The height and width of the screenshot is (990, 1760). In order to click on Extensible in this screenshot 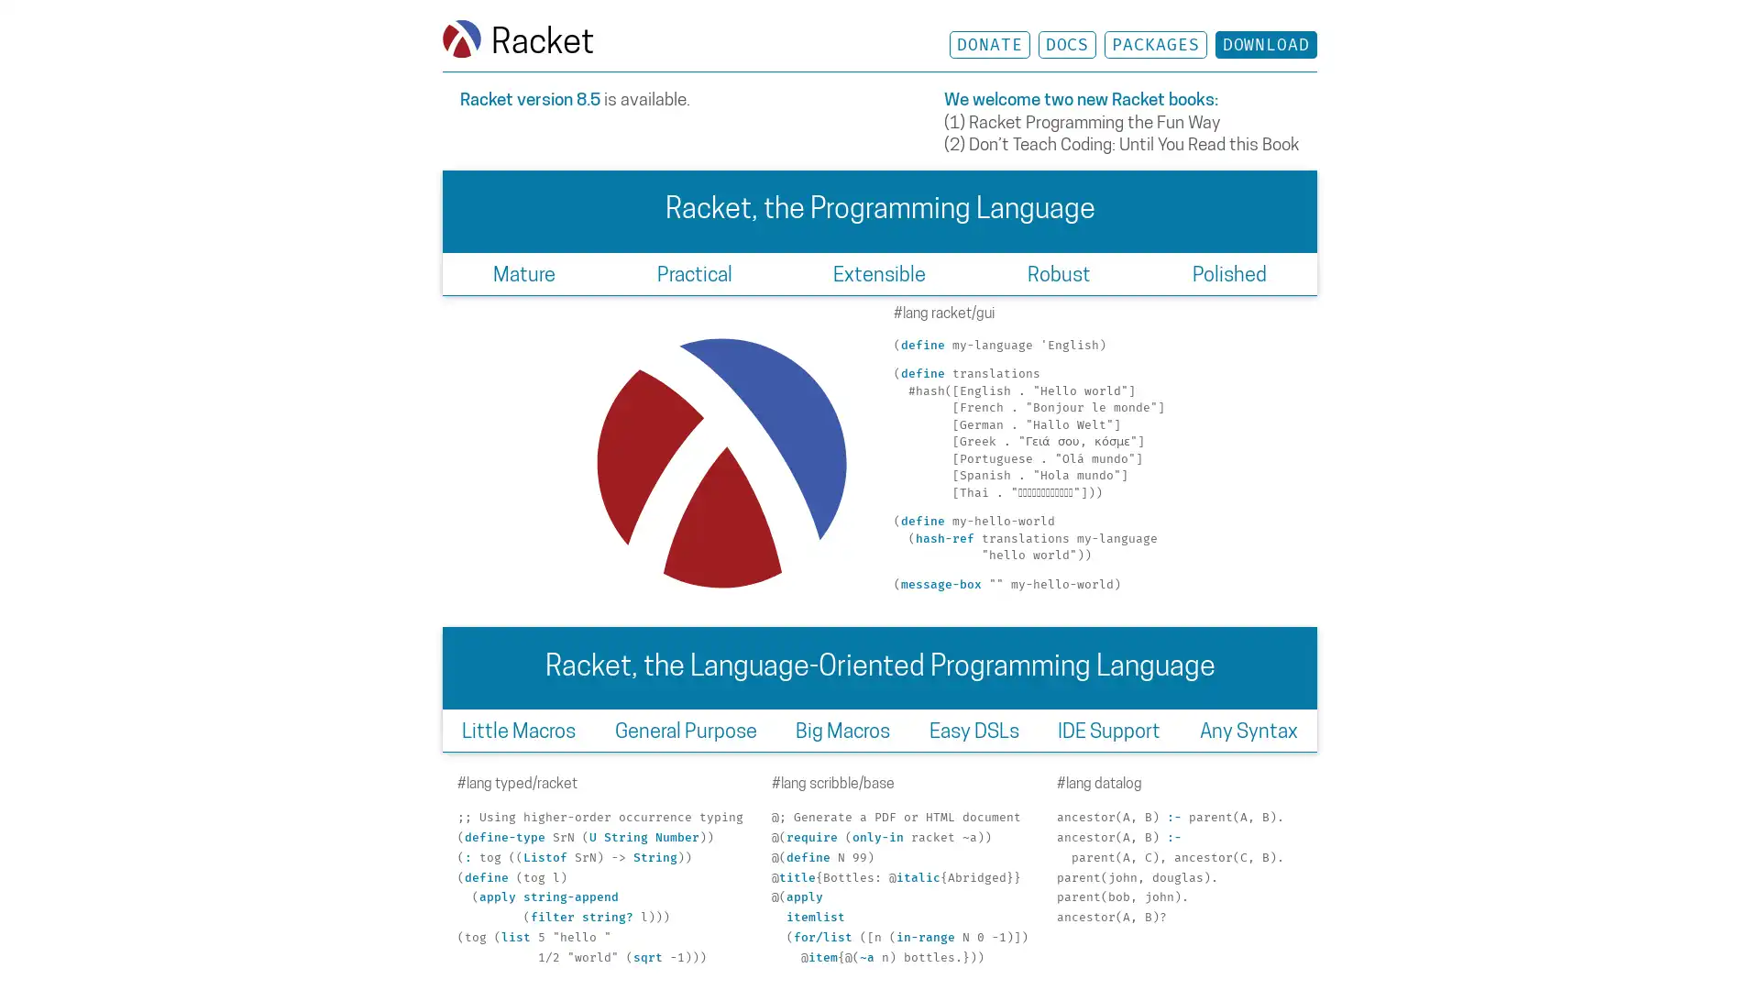, I will do `click(878, 273)`.